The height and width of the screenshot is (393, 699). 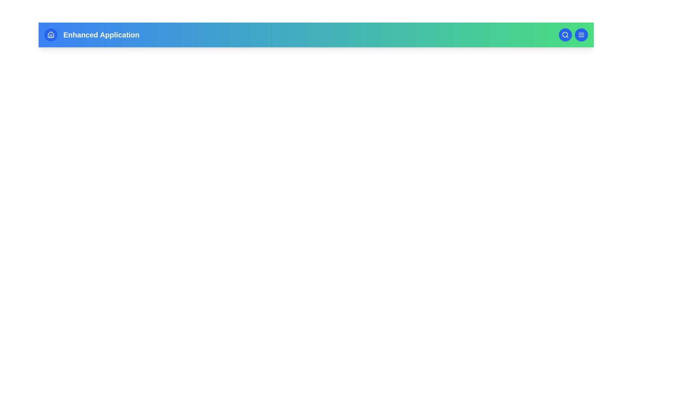 What do you see at coordinates (565, 35) in the screenshot?
I see `the search initiation button located near the top right corner of the interface to initiate a search` at bounding box center [565, 35].